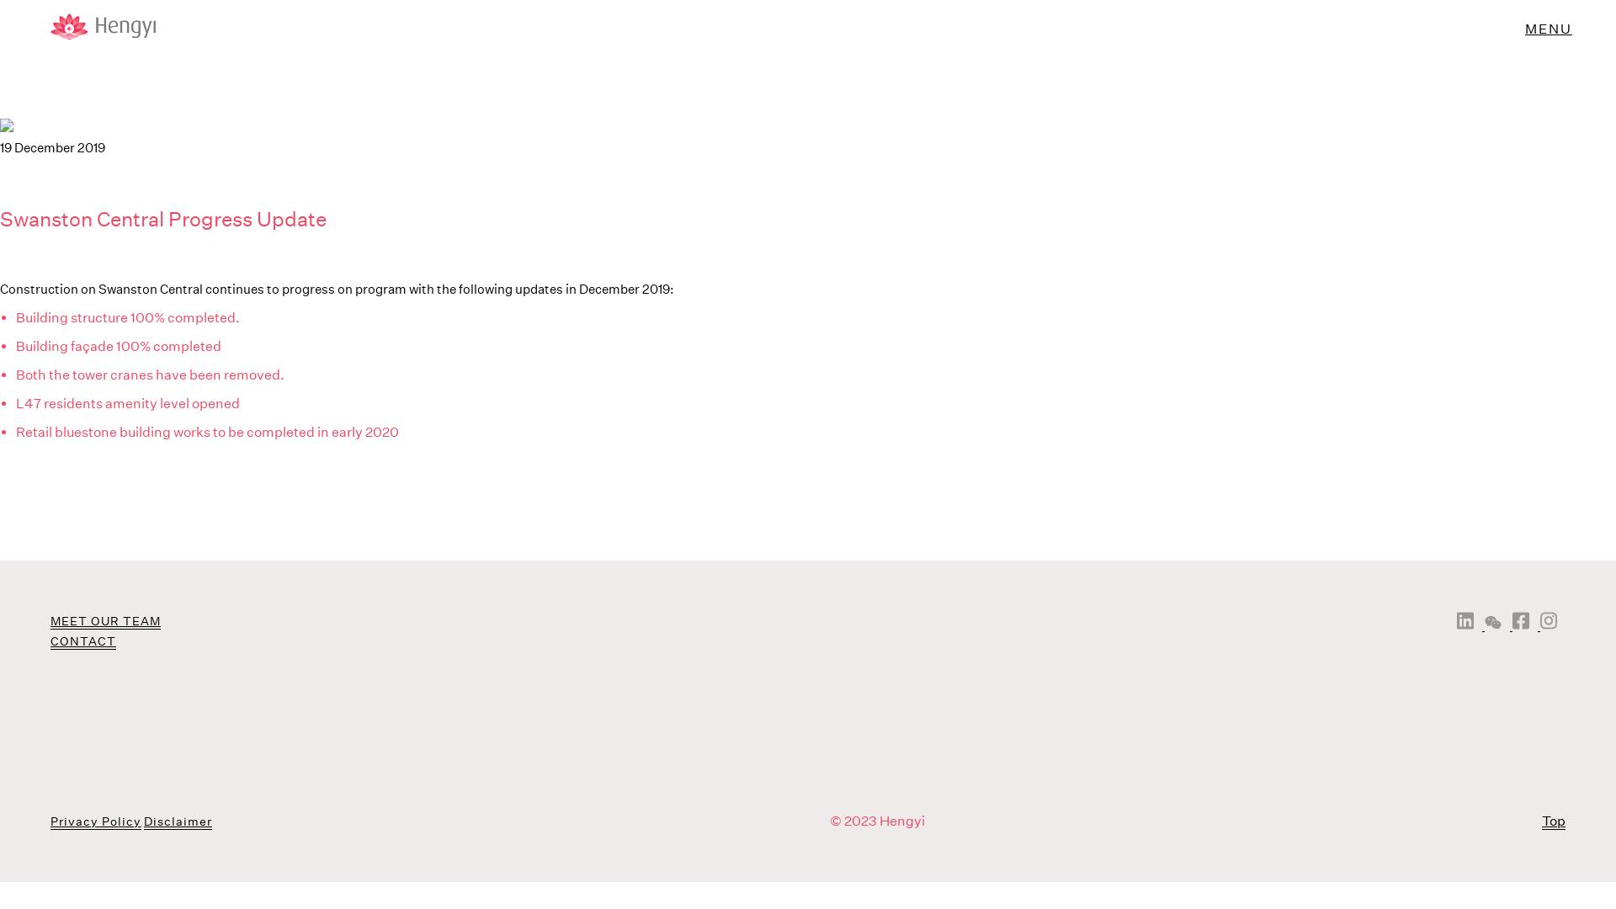 This screenshot has width=1616, height=909. Describe the element at coordinates (1553, 820) in the screenshot. I see `'Top'` at that location.